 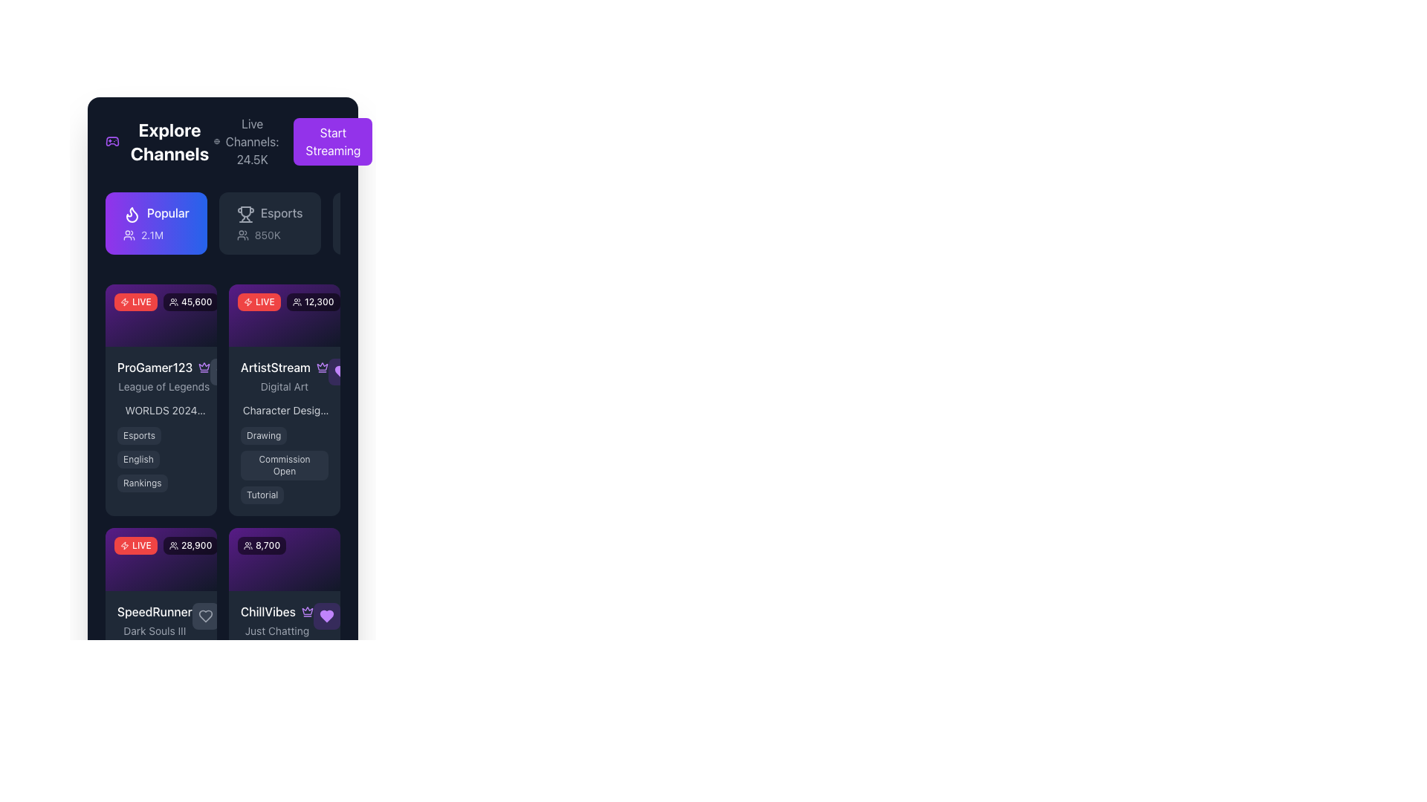 What do you see at coordinates (164, 386) in the screenshot?
I see `text displayed in the Text Label that shows the name of the game associated with user 'ProGamer123', which is located in the card section dedicated to this user` at bounding box center [164, 386].